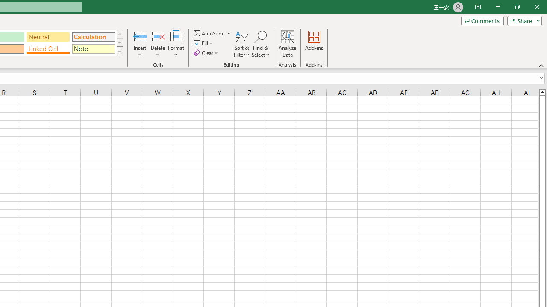  I want to click on 'Delete', so click(158, 44).